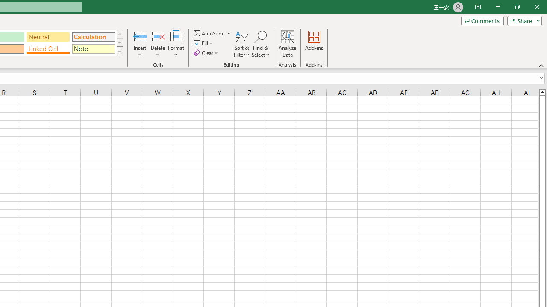  I want to click on 'Delete', so click(158, 44).